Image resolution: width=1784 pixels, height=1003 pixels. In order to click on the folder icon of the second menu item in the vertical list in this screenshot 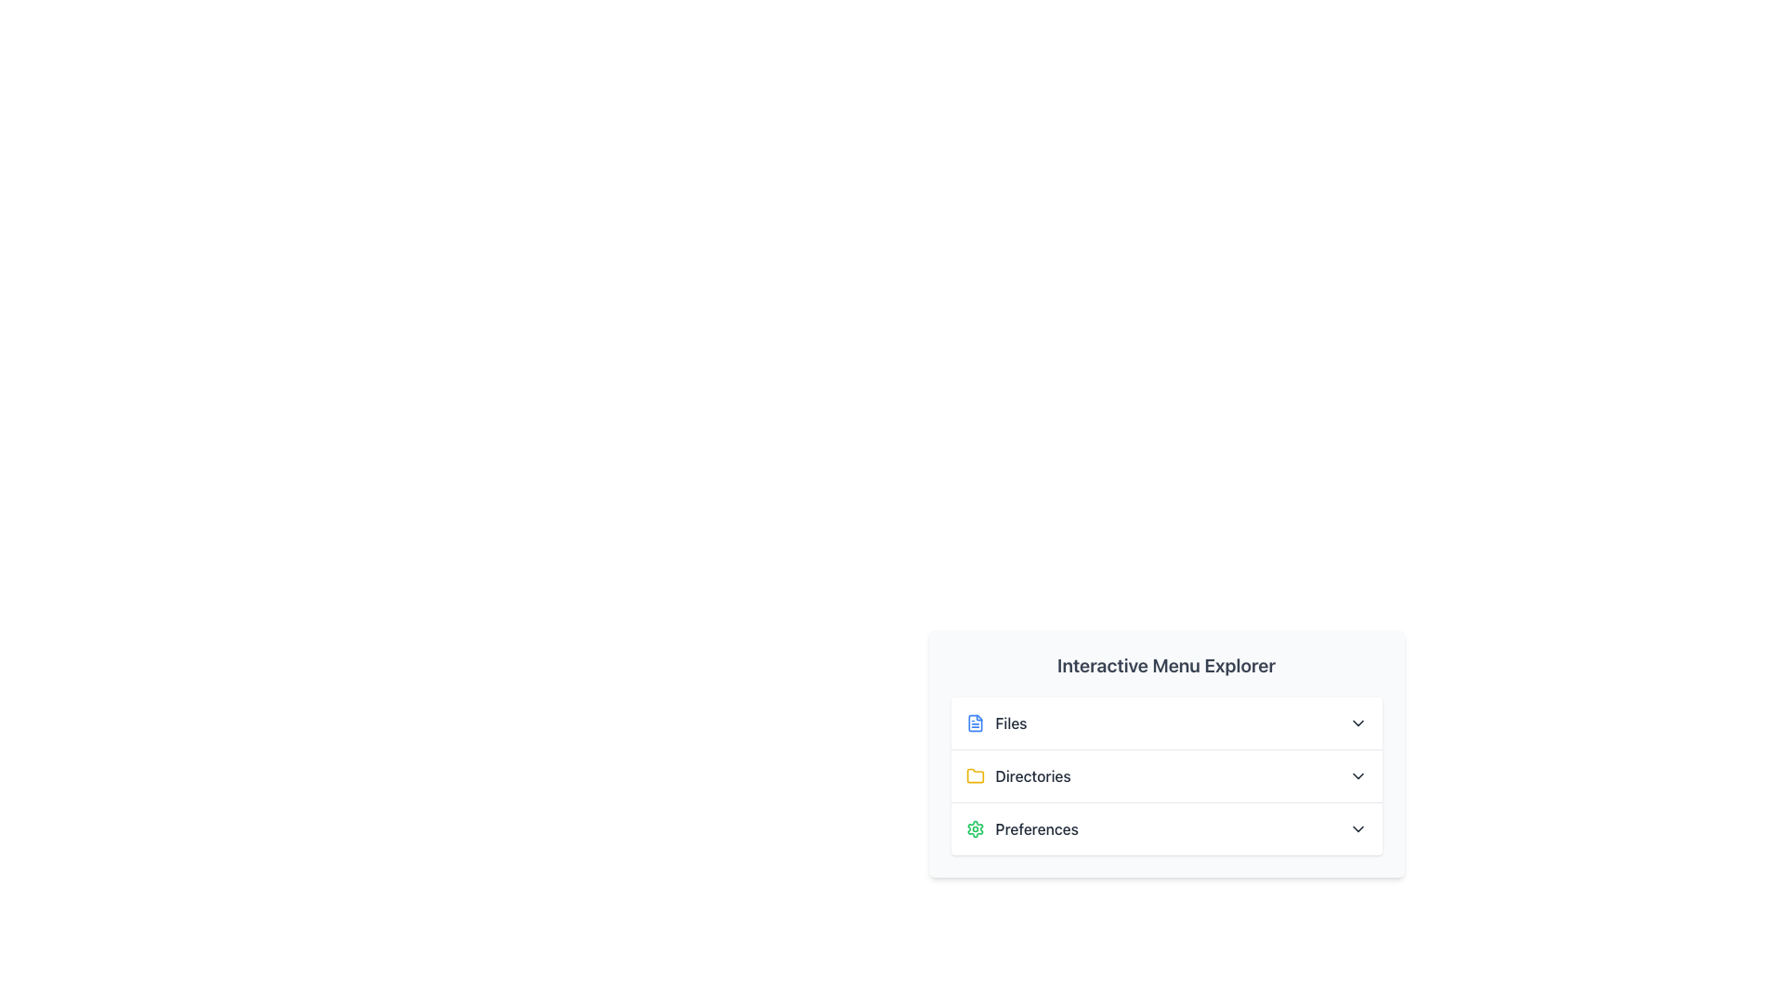, I will do `click(1017, 776)`.